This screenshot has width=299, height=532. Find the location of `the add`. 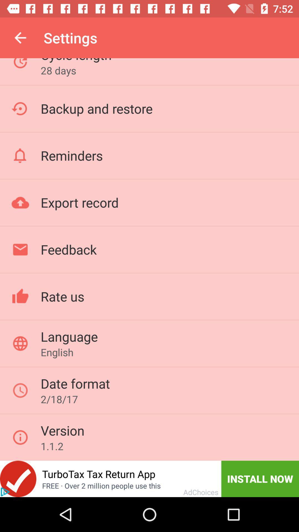

the add is located at coordinates (5, 492).